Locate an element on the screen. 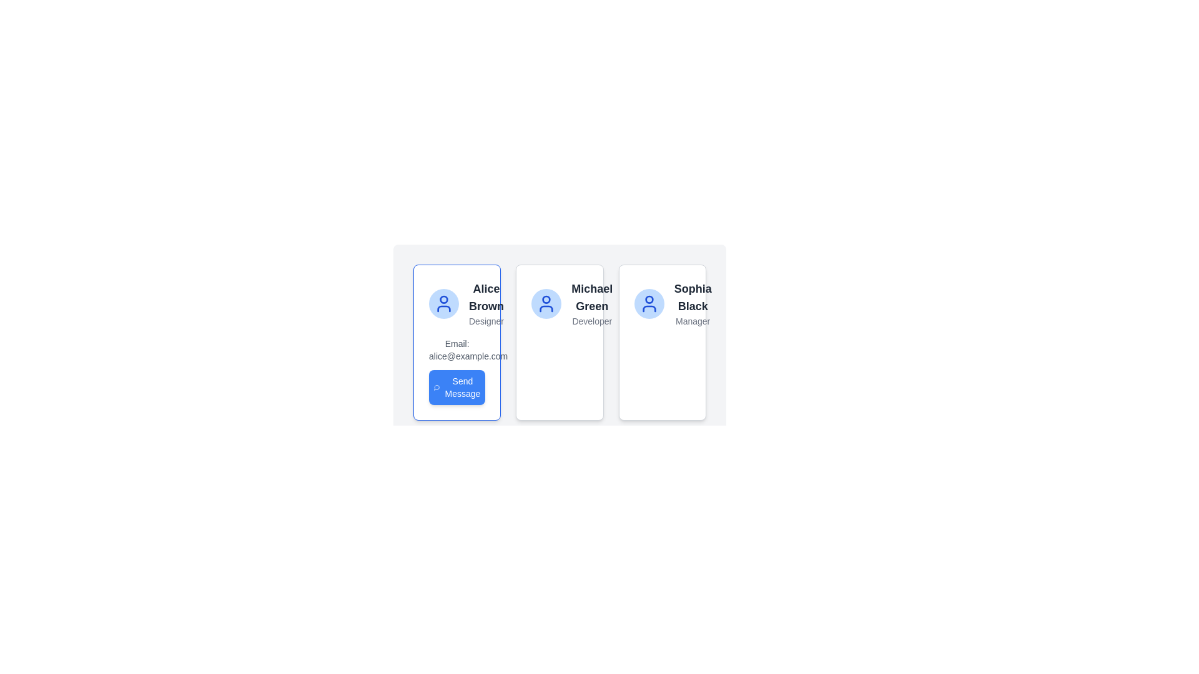 This screenshot has height=674, width=1199. the graphical icon placeholder, which is a circular icon with a light blue background and a dark blue user silhouette symbol, located at the top-left of Alice Brown's profile card is located at coordinates (443, 303).